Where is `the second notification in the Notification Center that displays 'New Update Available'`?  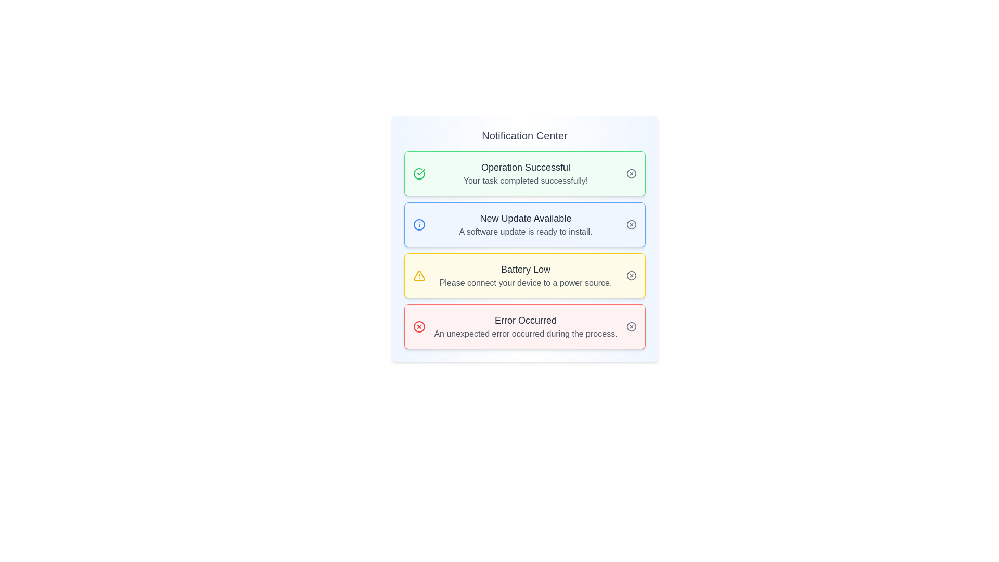
the second notification in the Notification Center that displays 'New Update Available' is located at coordinates (524, 224).